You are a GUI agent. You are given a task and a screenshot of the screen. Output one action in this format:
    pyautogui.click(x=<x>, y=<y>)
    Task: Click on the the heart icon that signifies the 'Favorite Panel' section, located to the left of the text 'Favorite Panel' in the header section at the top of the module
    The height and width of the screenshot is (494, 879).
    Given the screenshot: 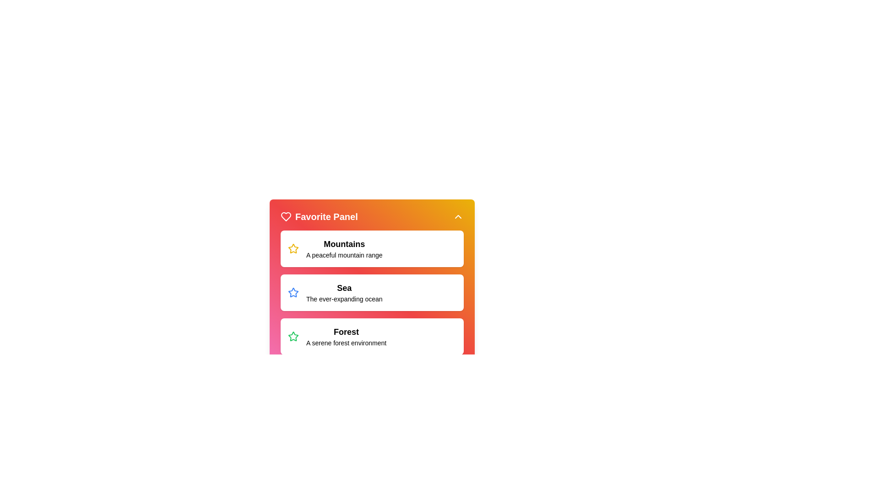 What is the action you would take?
    pyautogui.click(x=285, y=217)
    